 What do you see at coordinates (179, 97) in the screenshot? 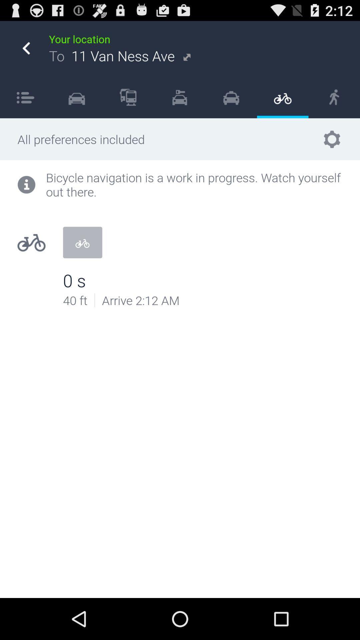
I see `the` at bounding box center [179, 97].